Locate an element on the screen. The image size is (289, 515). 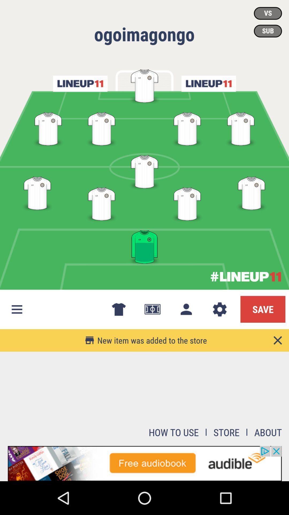
the image between lineup11 is located at coordinates (144, 85).